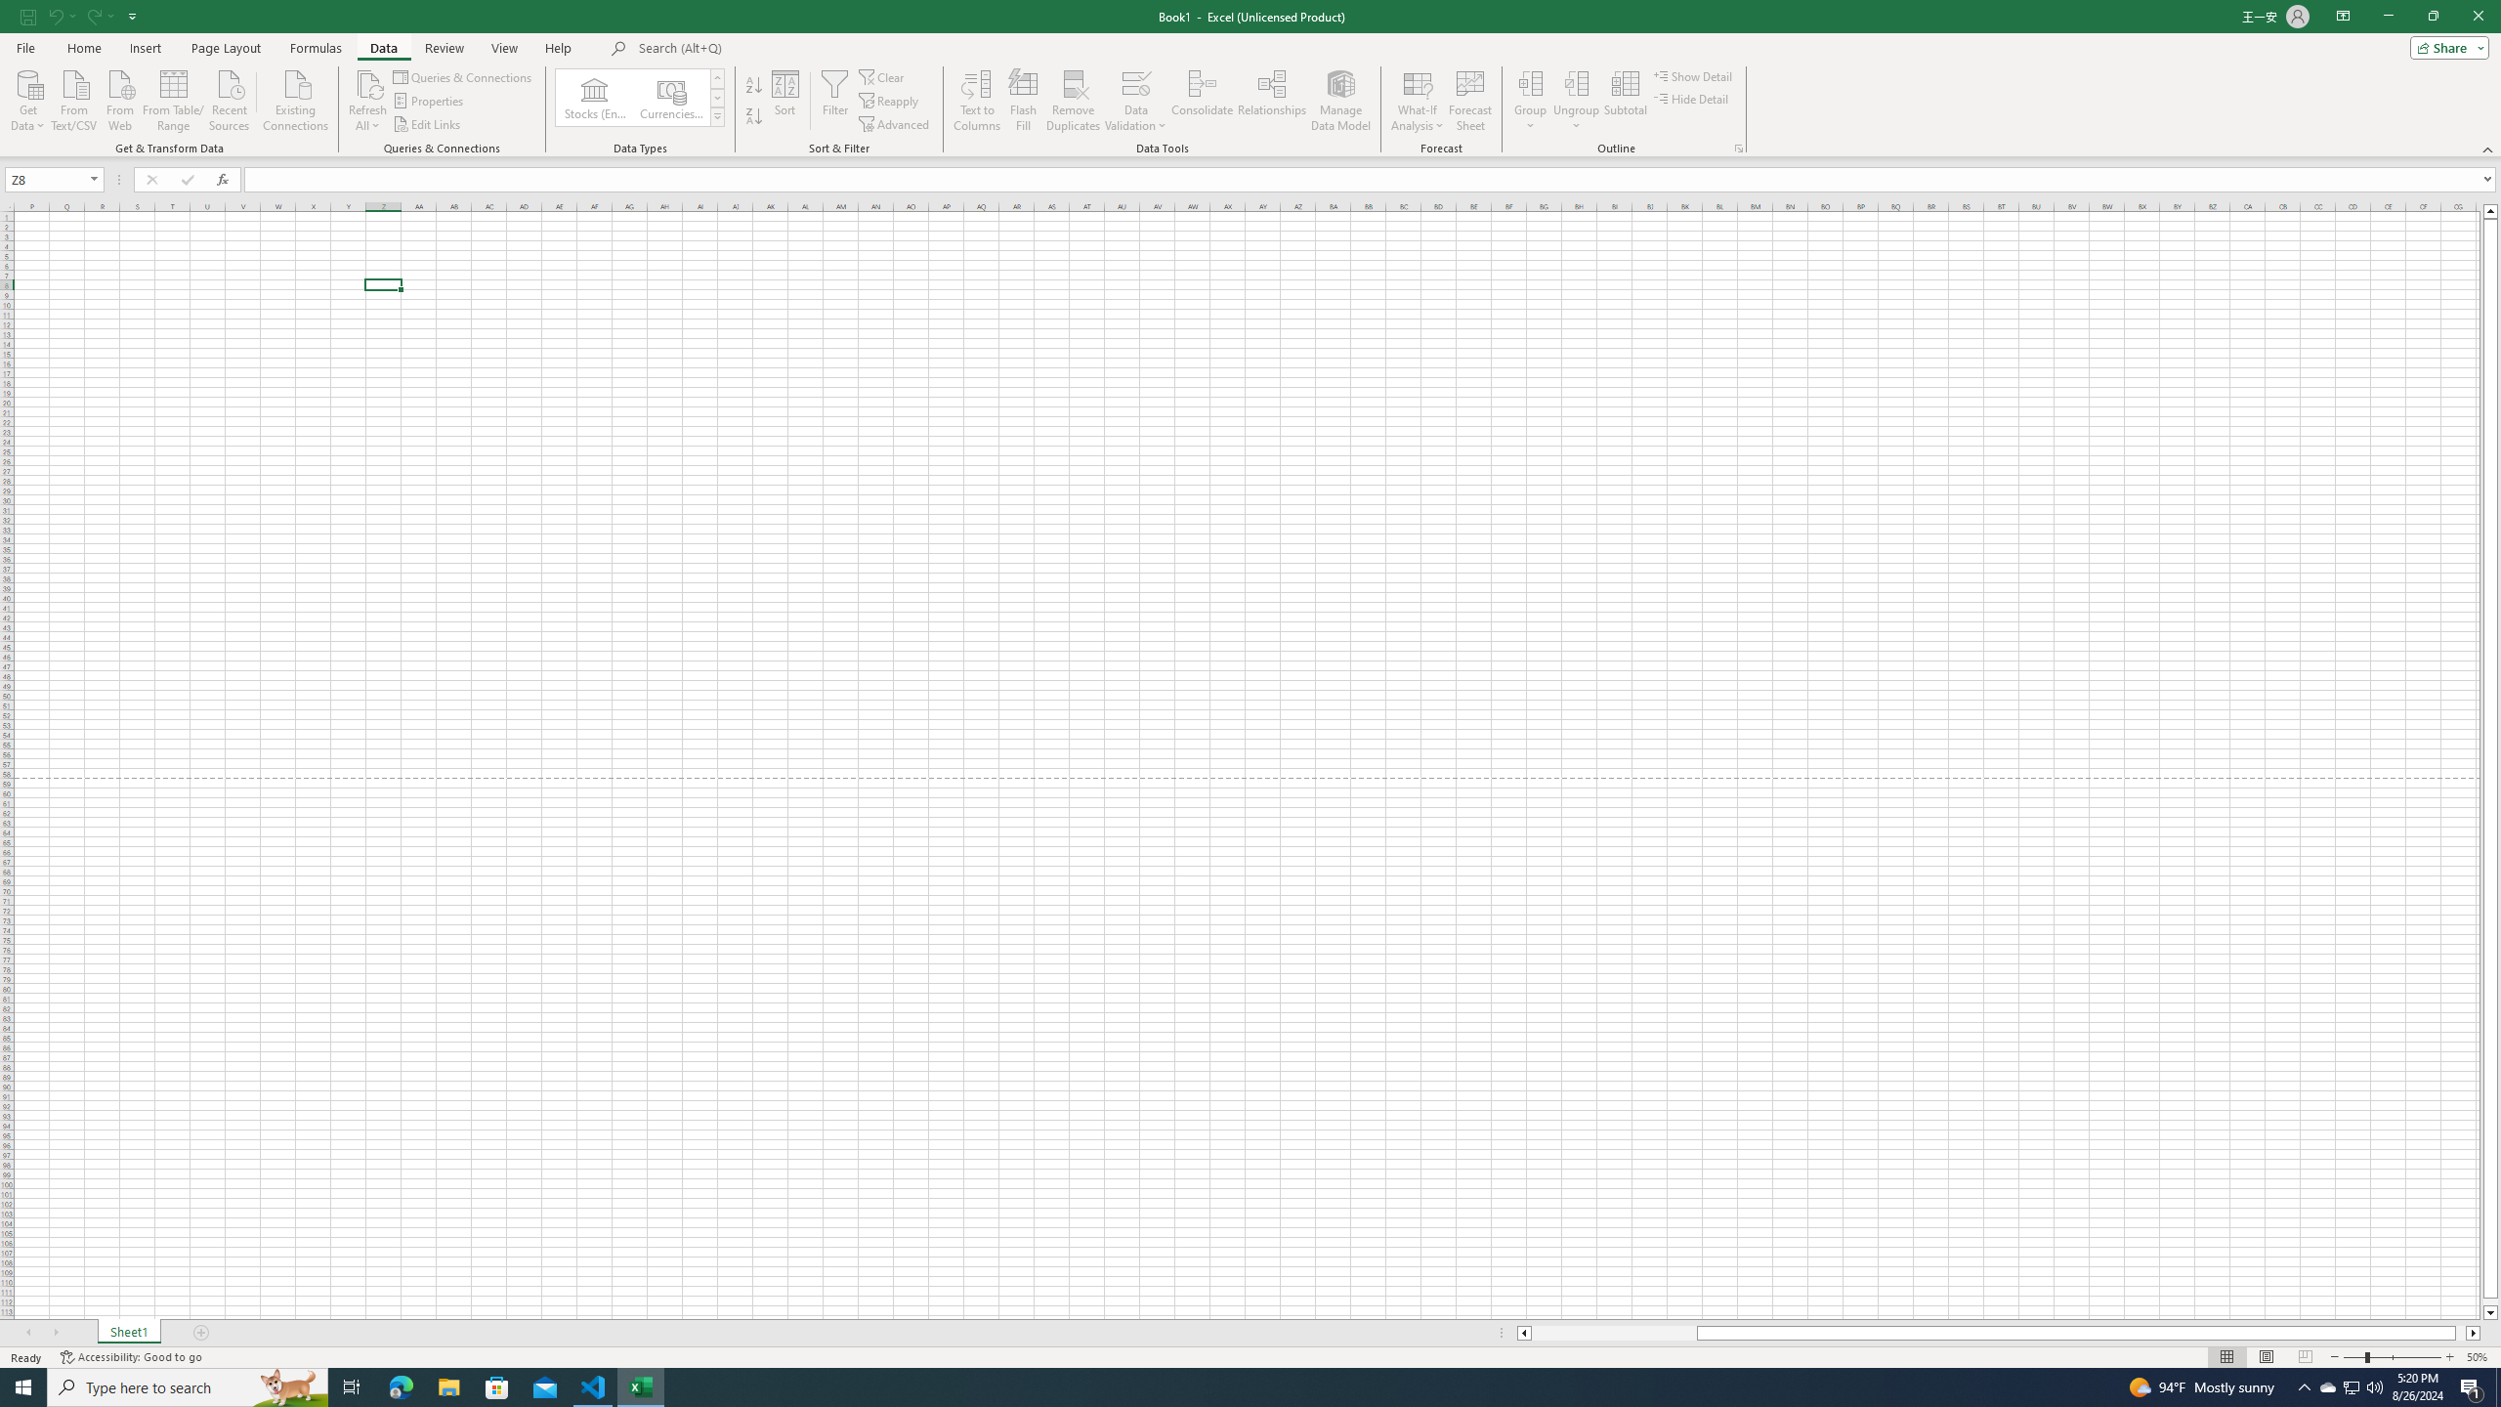  Describe the element at coordinates (144, 48) in the screenshot. I see `'Insert'` at that location.